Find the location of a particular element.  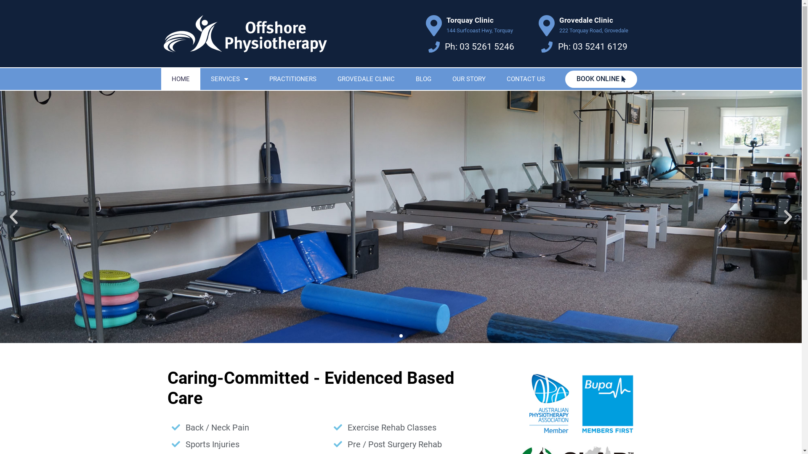

'Exercise Rehab Classes' is located at coordinates (410, 428).